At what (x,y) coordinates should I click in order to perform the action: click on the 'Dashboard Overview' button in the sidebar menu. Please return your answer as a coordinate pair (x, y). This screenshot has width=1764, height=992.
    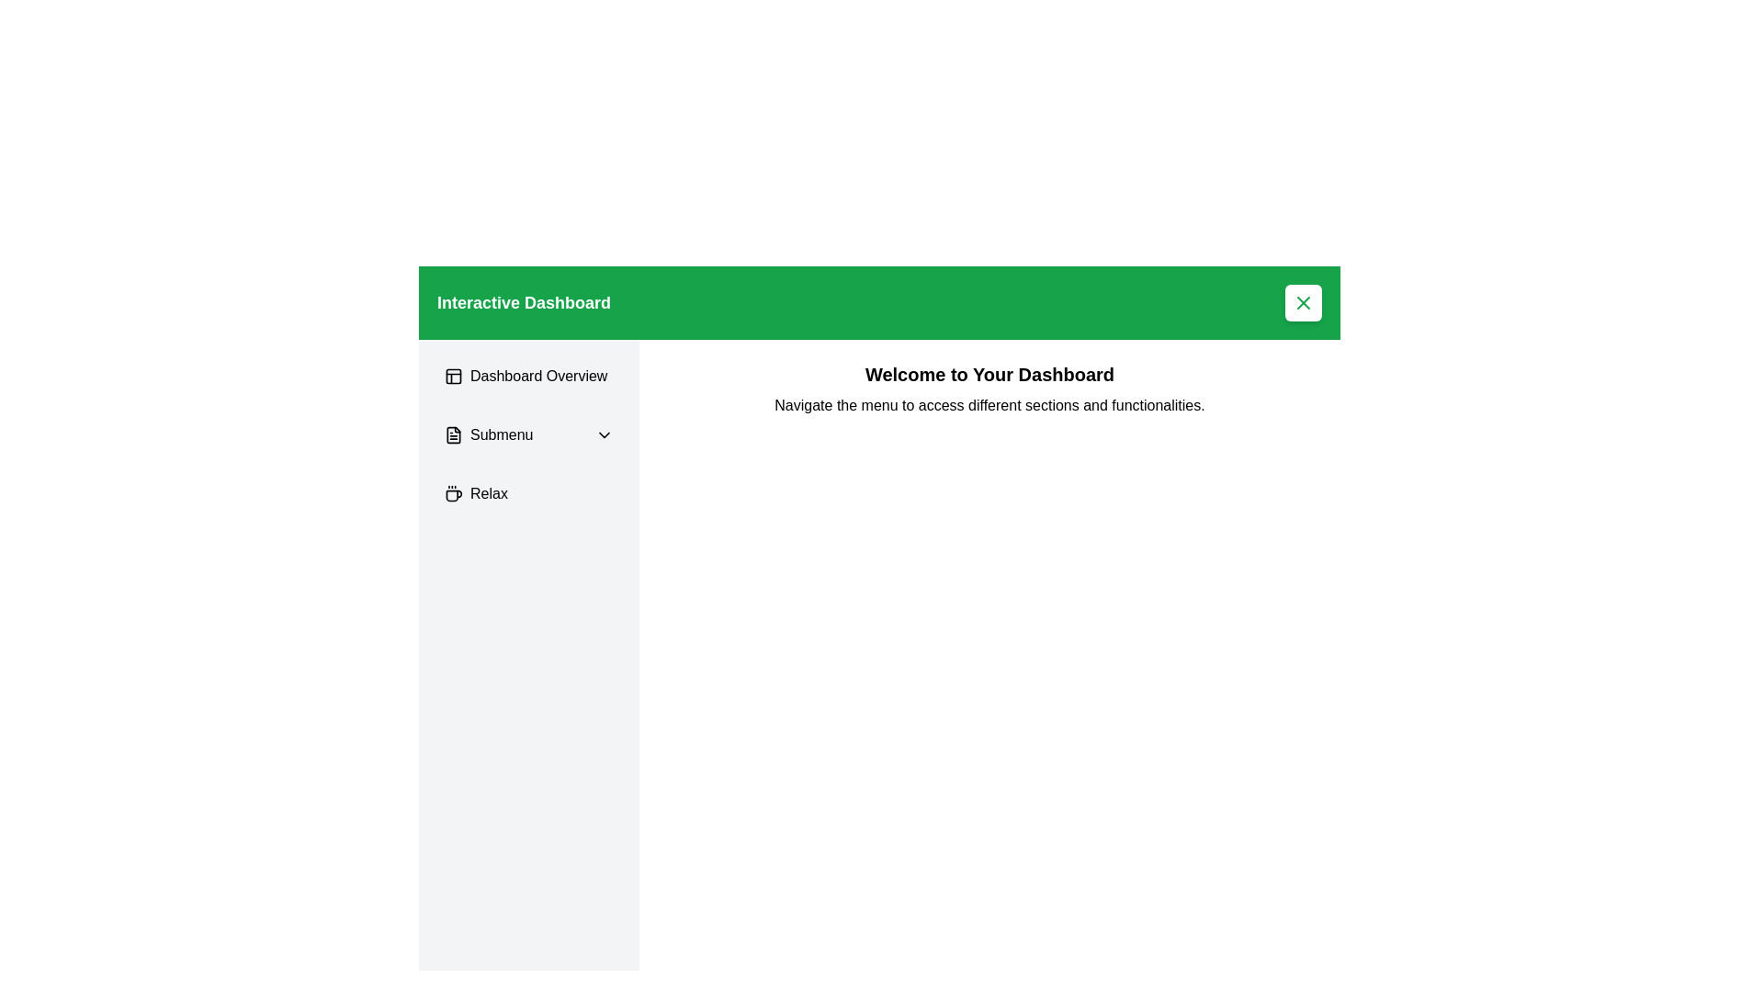
    Looking at the image, I should click on (528, 375).